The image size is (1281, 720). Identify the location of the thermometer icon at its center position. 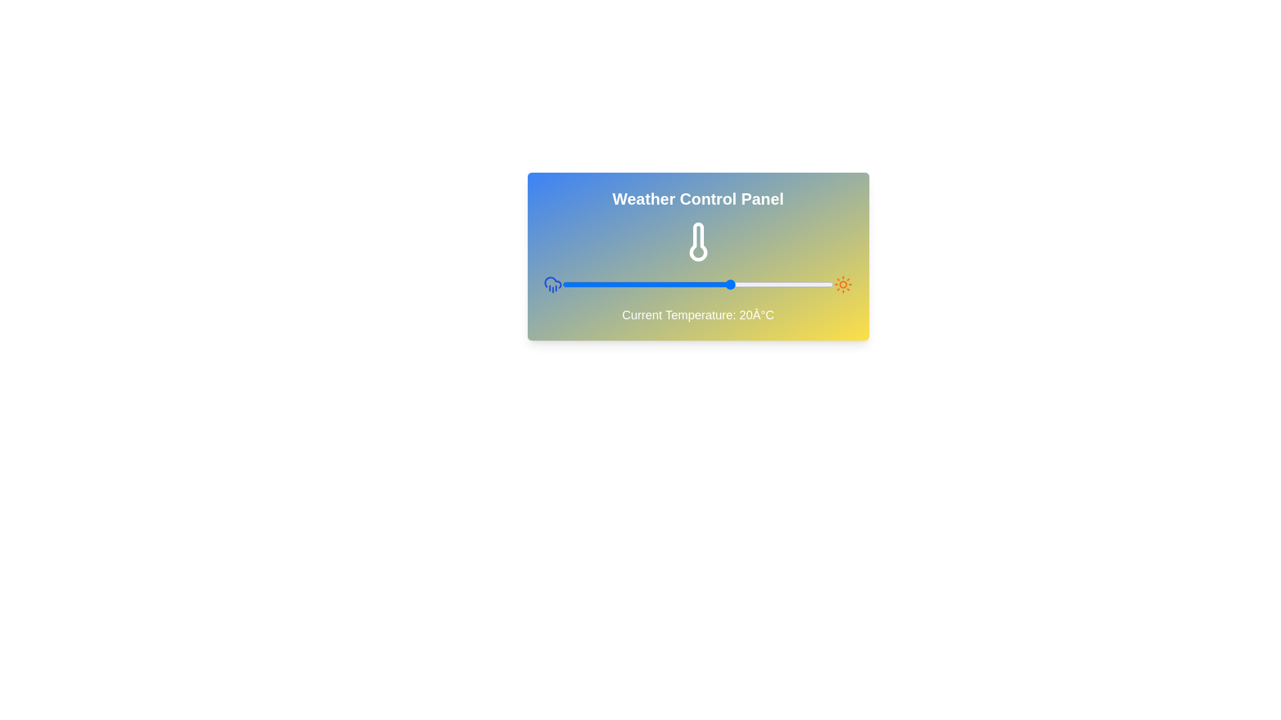
(697, 241).